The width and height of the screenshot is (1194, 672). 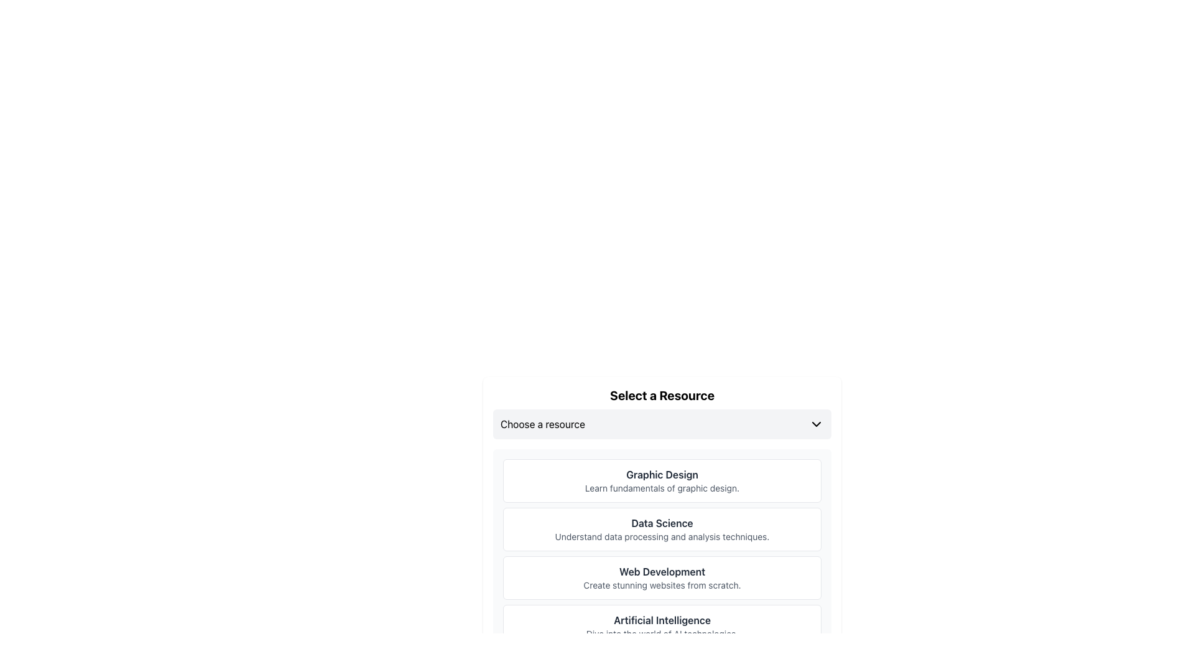 I want to click on the text label providing supplementary information for the 'Data Science' section, positioned below its title and above the 'Web Development' section, so click(x=662, y=536).